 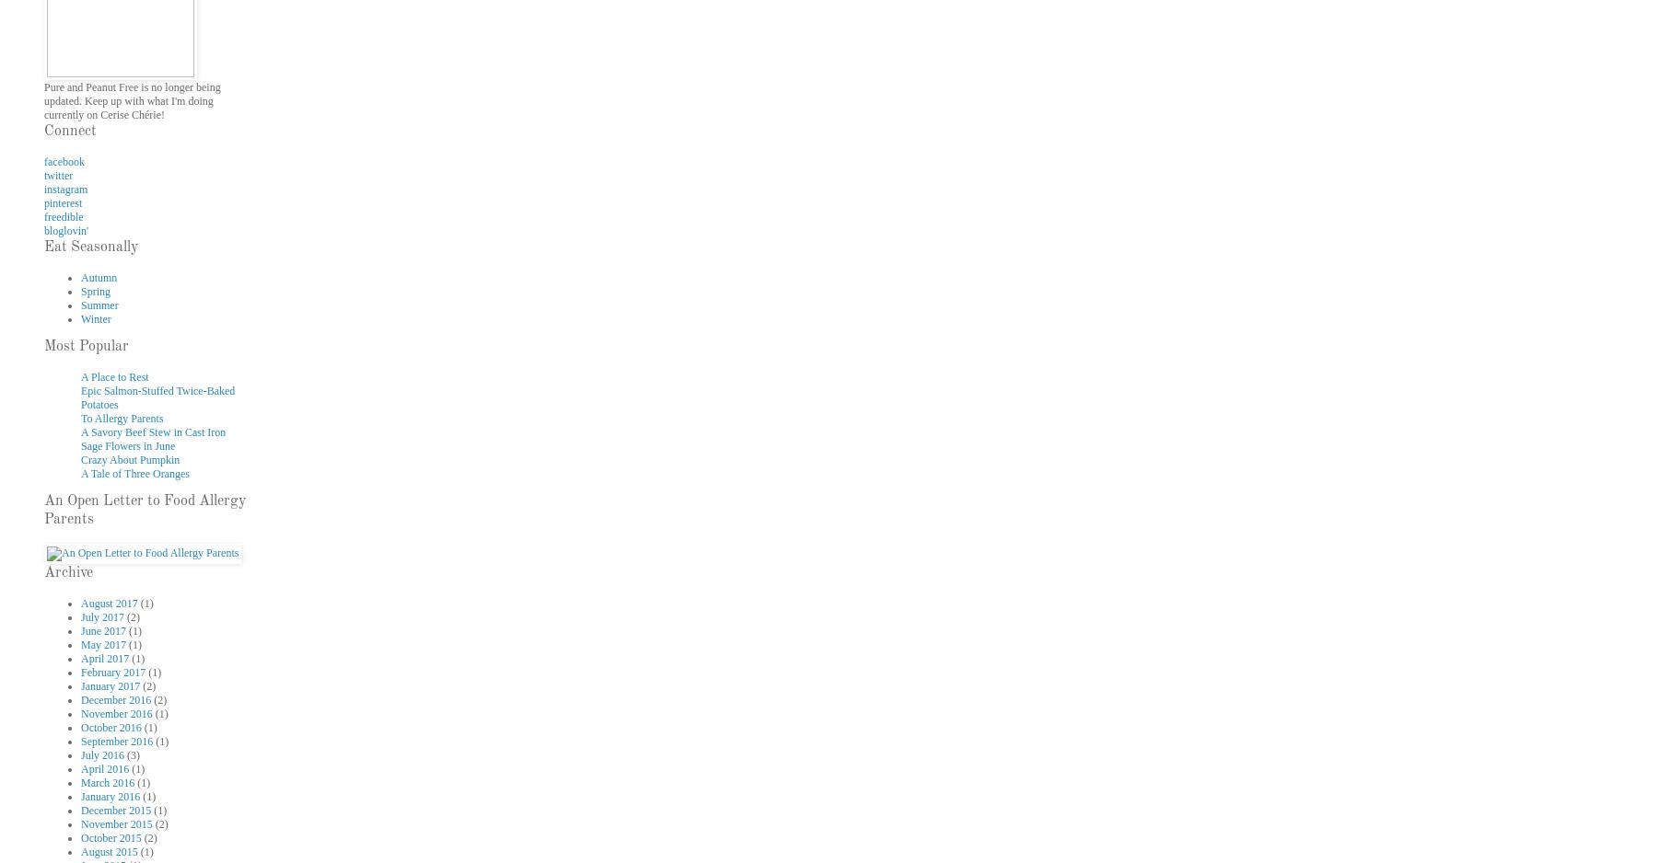 What do you see at coordinates (64, 216) in the screenshot?
I see `'freedible'` at bounding box center [64, 216].